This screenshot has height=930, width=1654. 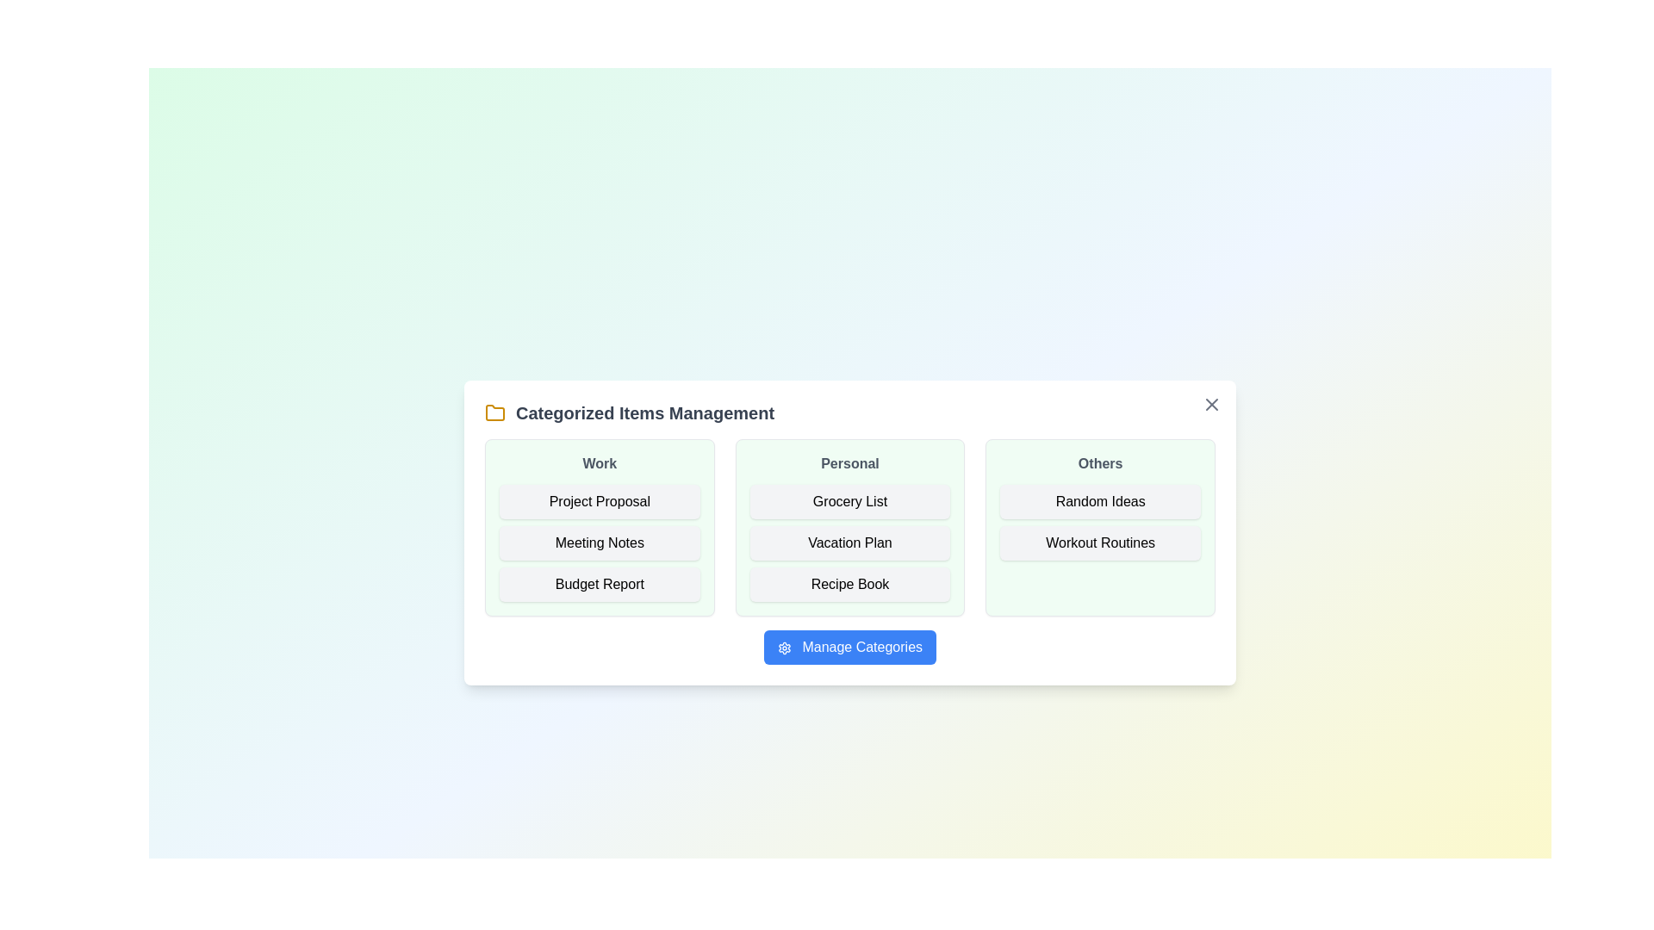 What do you see at coordinates (600, 463) in the screenshot?
I see `the category header Work to select it` at bounding box center [600, 463].